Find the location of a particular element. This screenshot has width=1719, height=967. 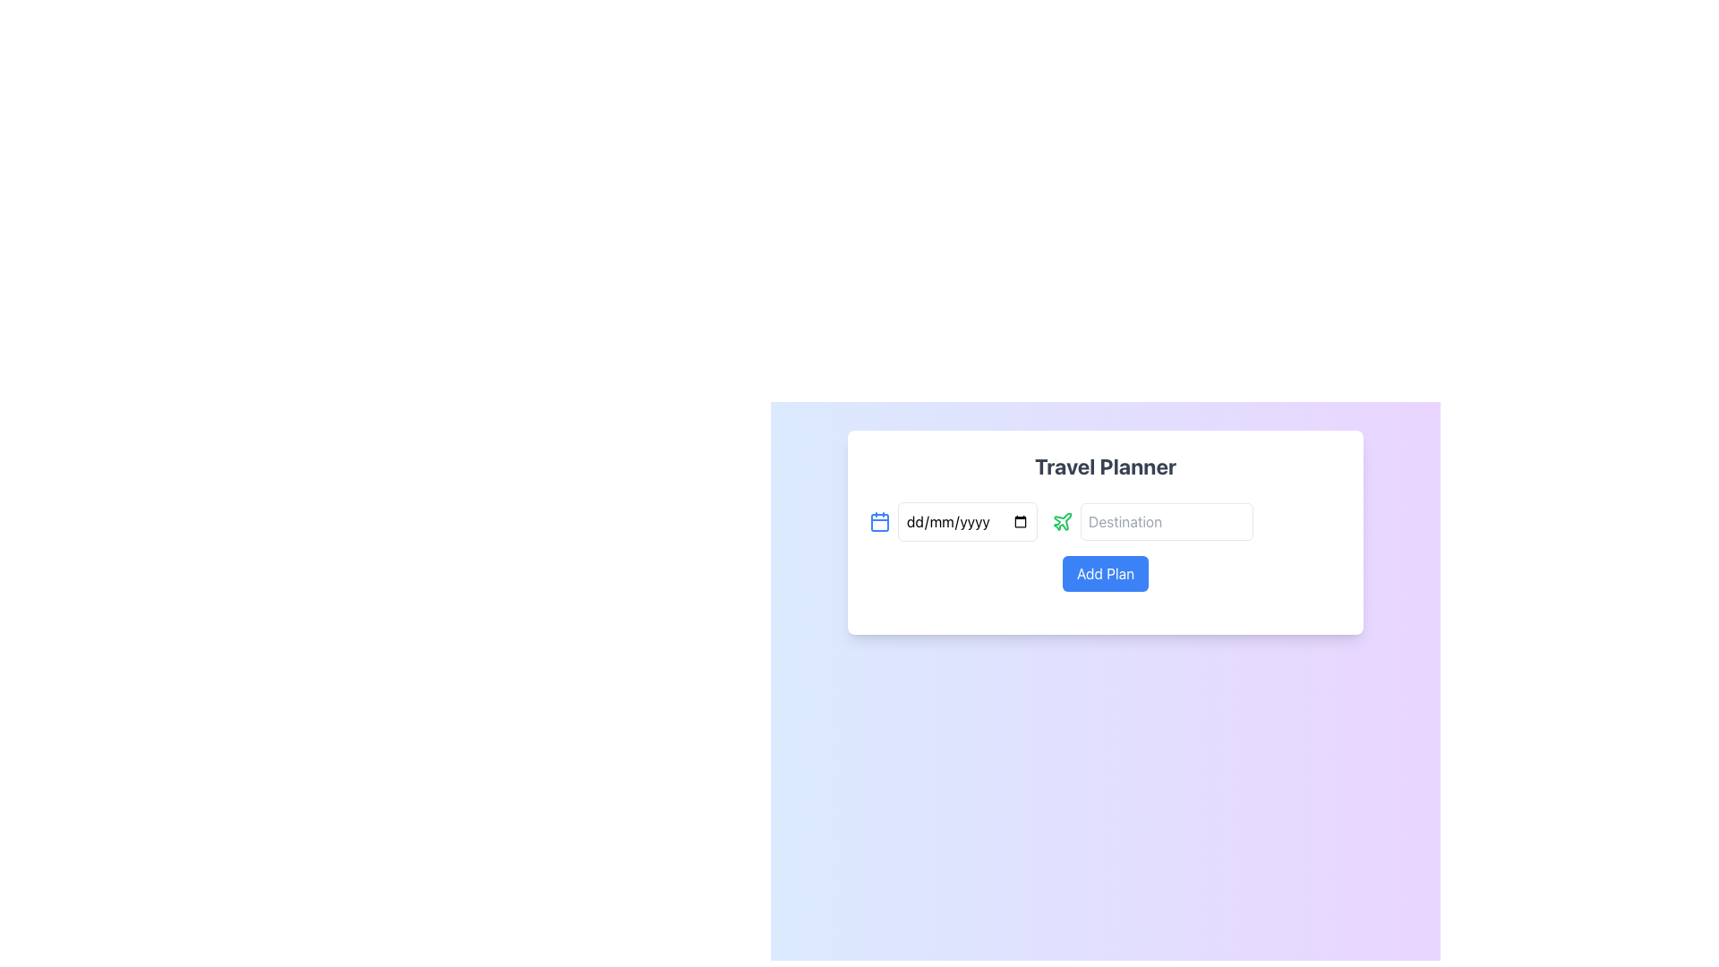

the 'Add Plan' button, which is a blue button with white text located at the bottom of the 'Travel Planner' section is located at coordinates (1104, 573).